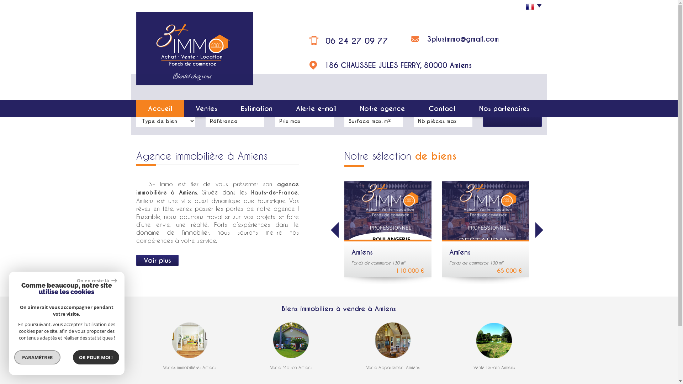  I want to click on 'OK POUR MOI !', so click(95, 357).